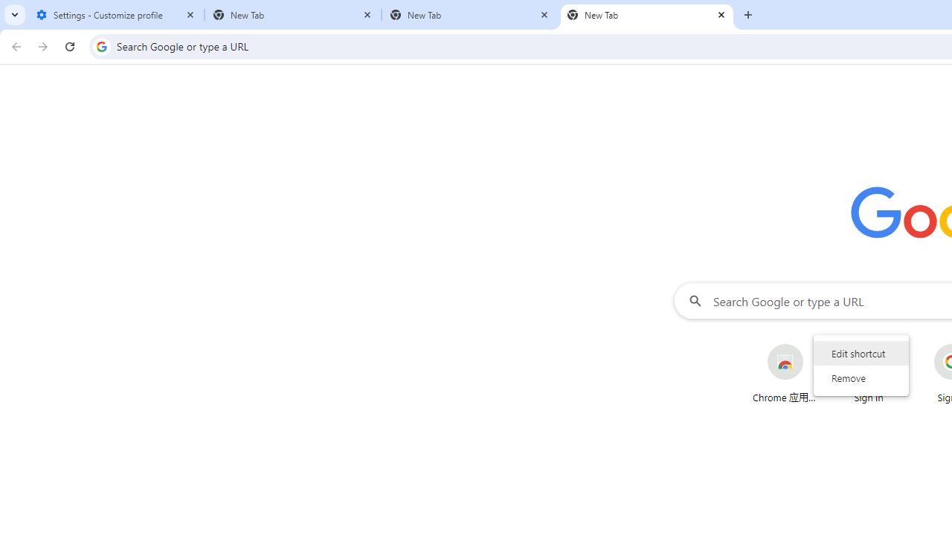  Describe the element at coordinates (861, 377) in the screenshot. I see `'Remove'` at that location.